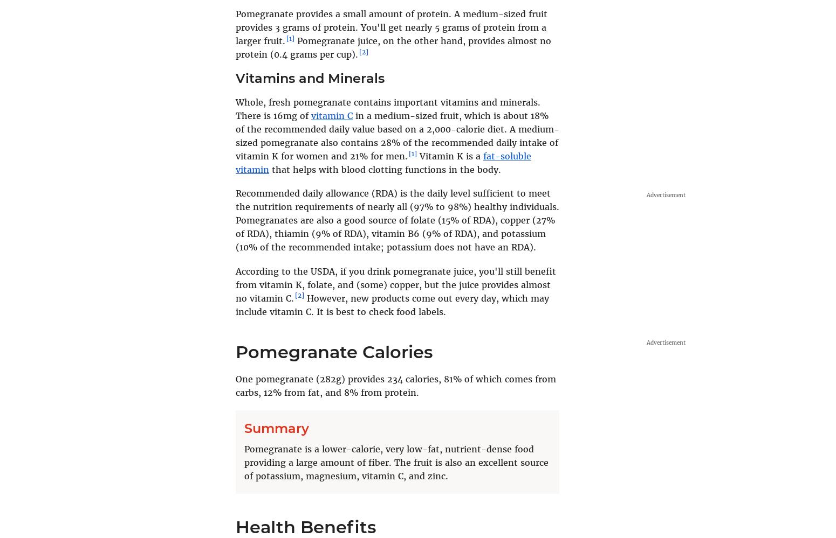 The image size is (836, 538). I want to click on 'Vitamin K is a', so click(449, 156).